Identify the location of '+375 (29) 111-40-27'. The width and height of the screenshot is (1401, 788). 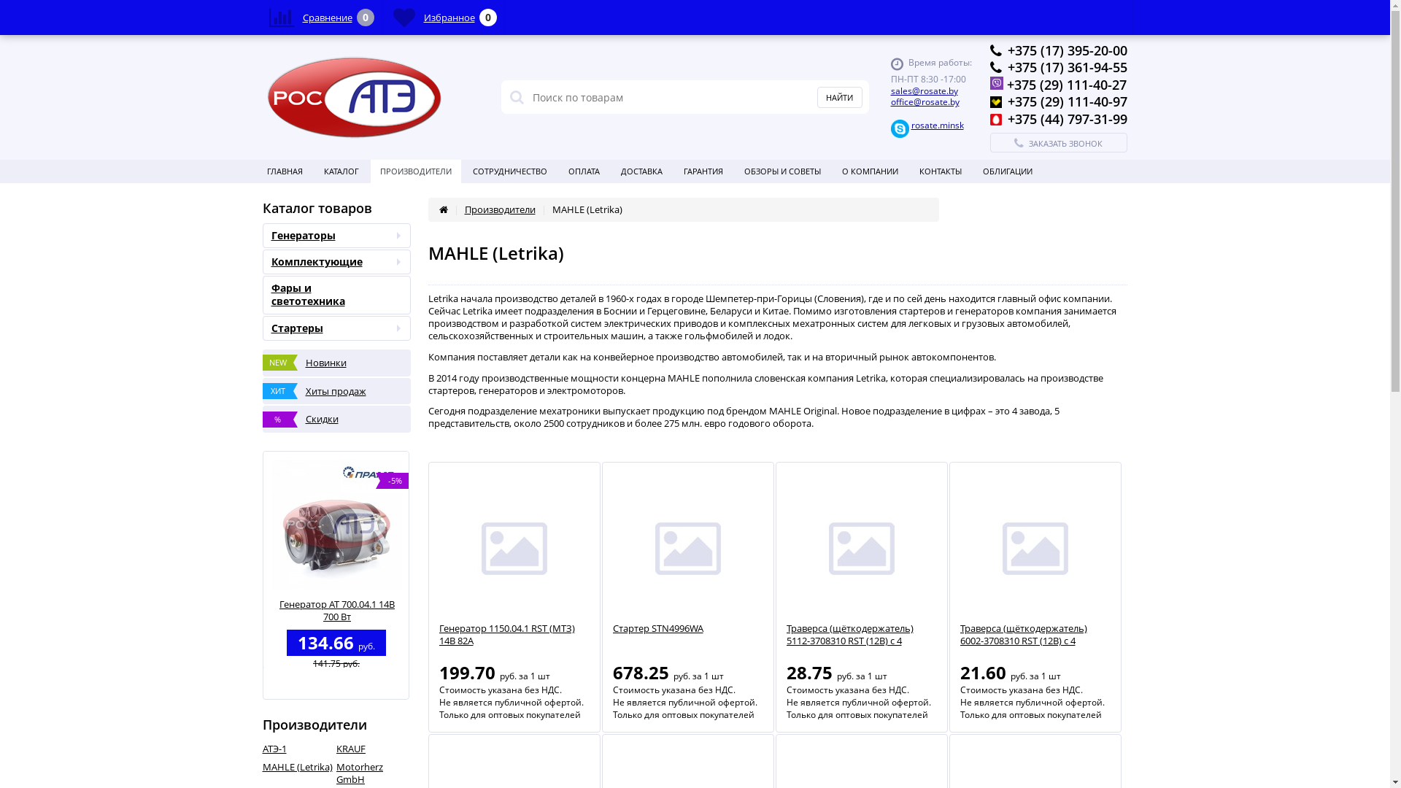
(1067, 84).